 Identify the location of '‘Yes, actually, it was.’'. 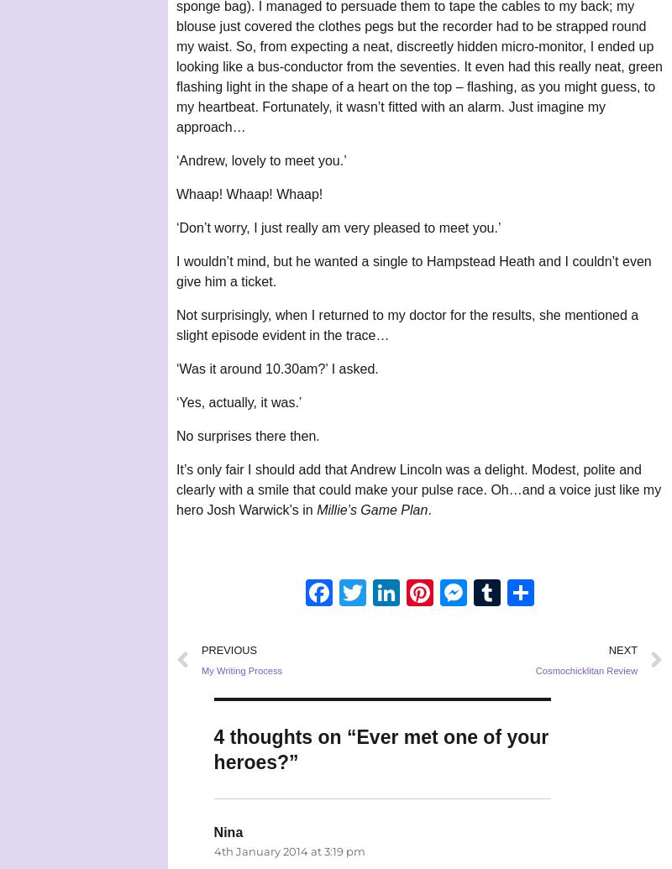
(176, 402).